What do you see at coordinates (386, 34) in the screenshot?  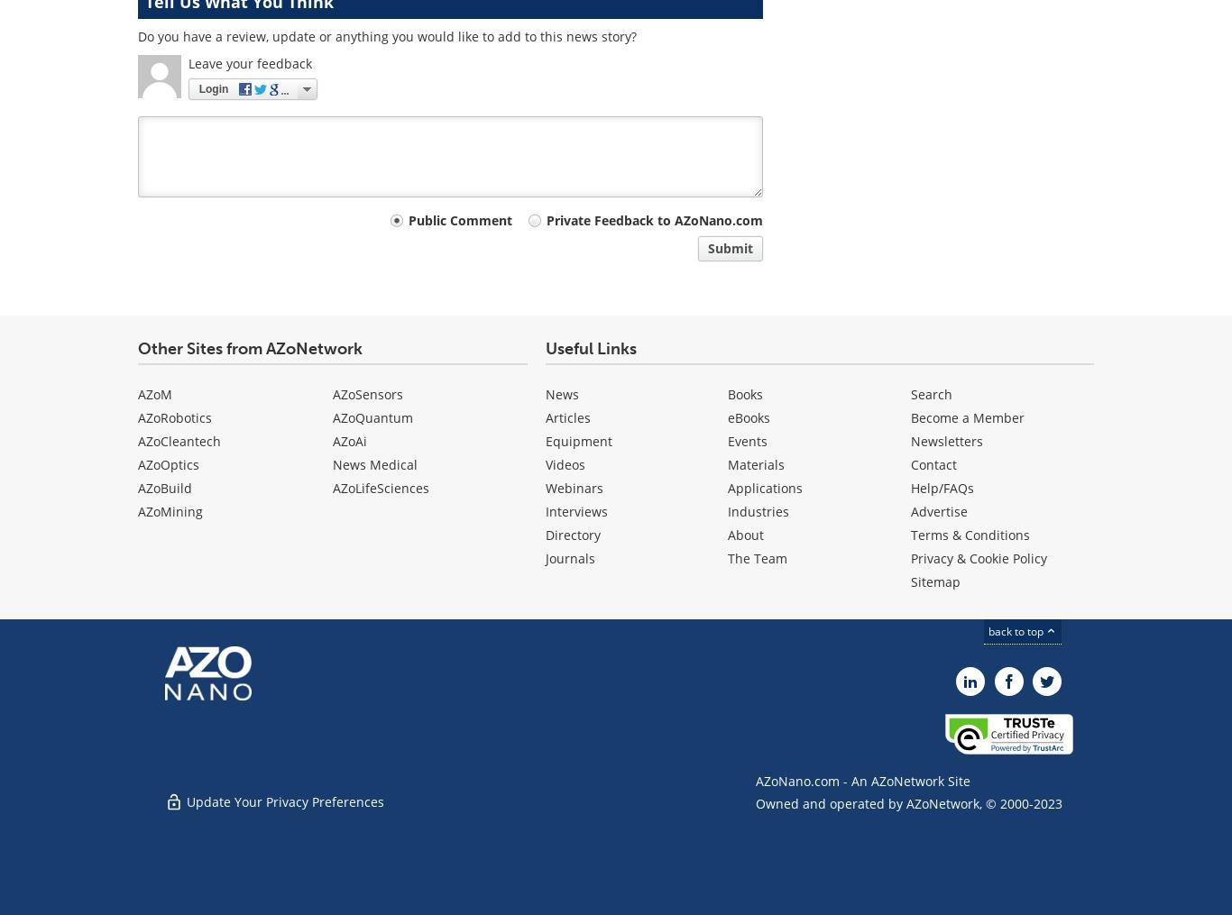 I see `'Do you have a review, update or anything you would like to add to this news story?'` at bounding box center [386, 34].